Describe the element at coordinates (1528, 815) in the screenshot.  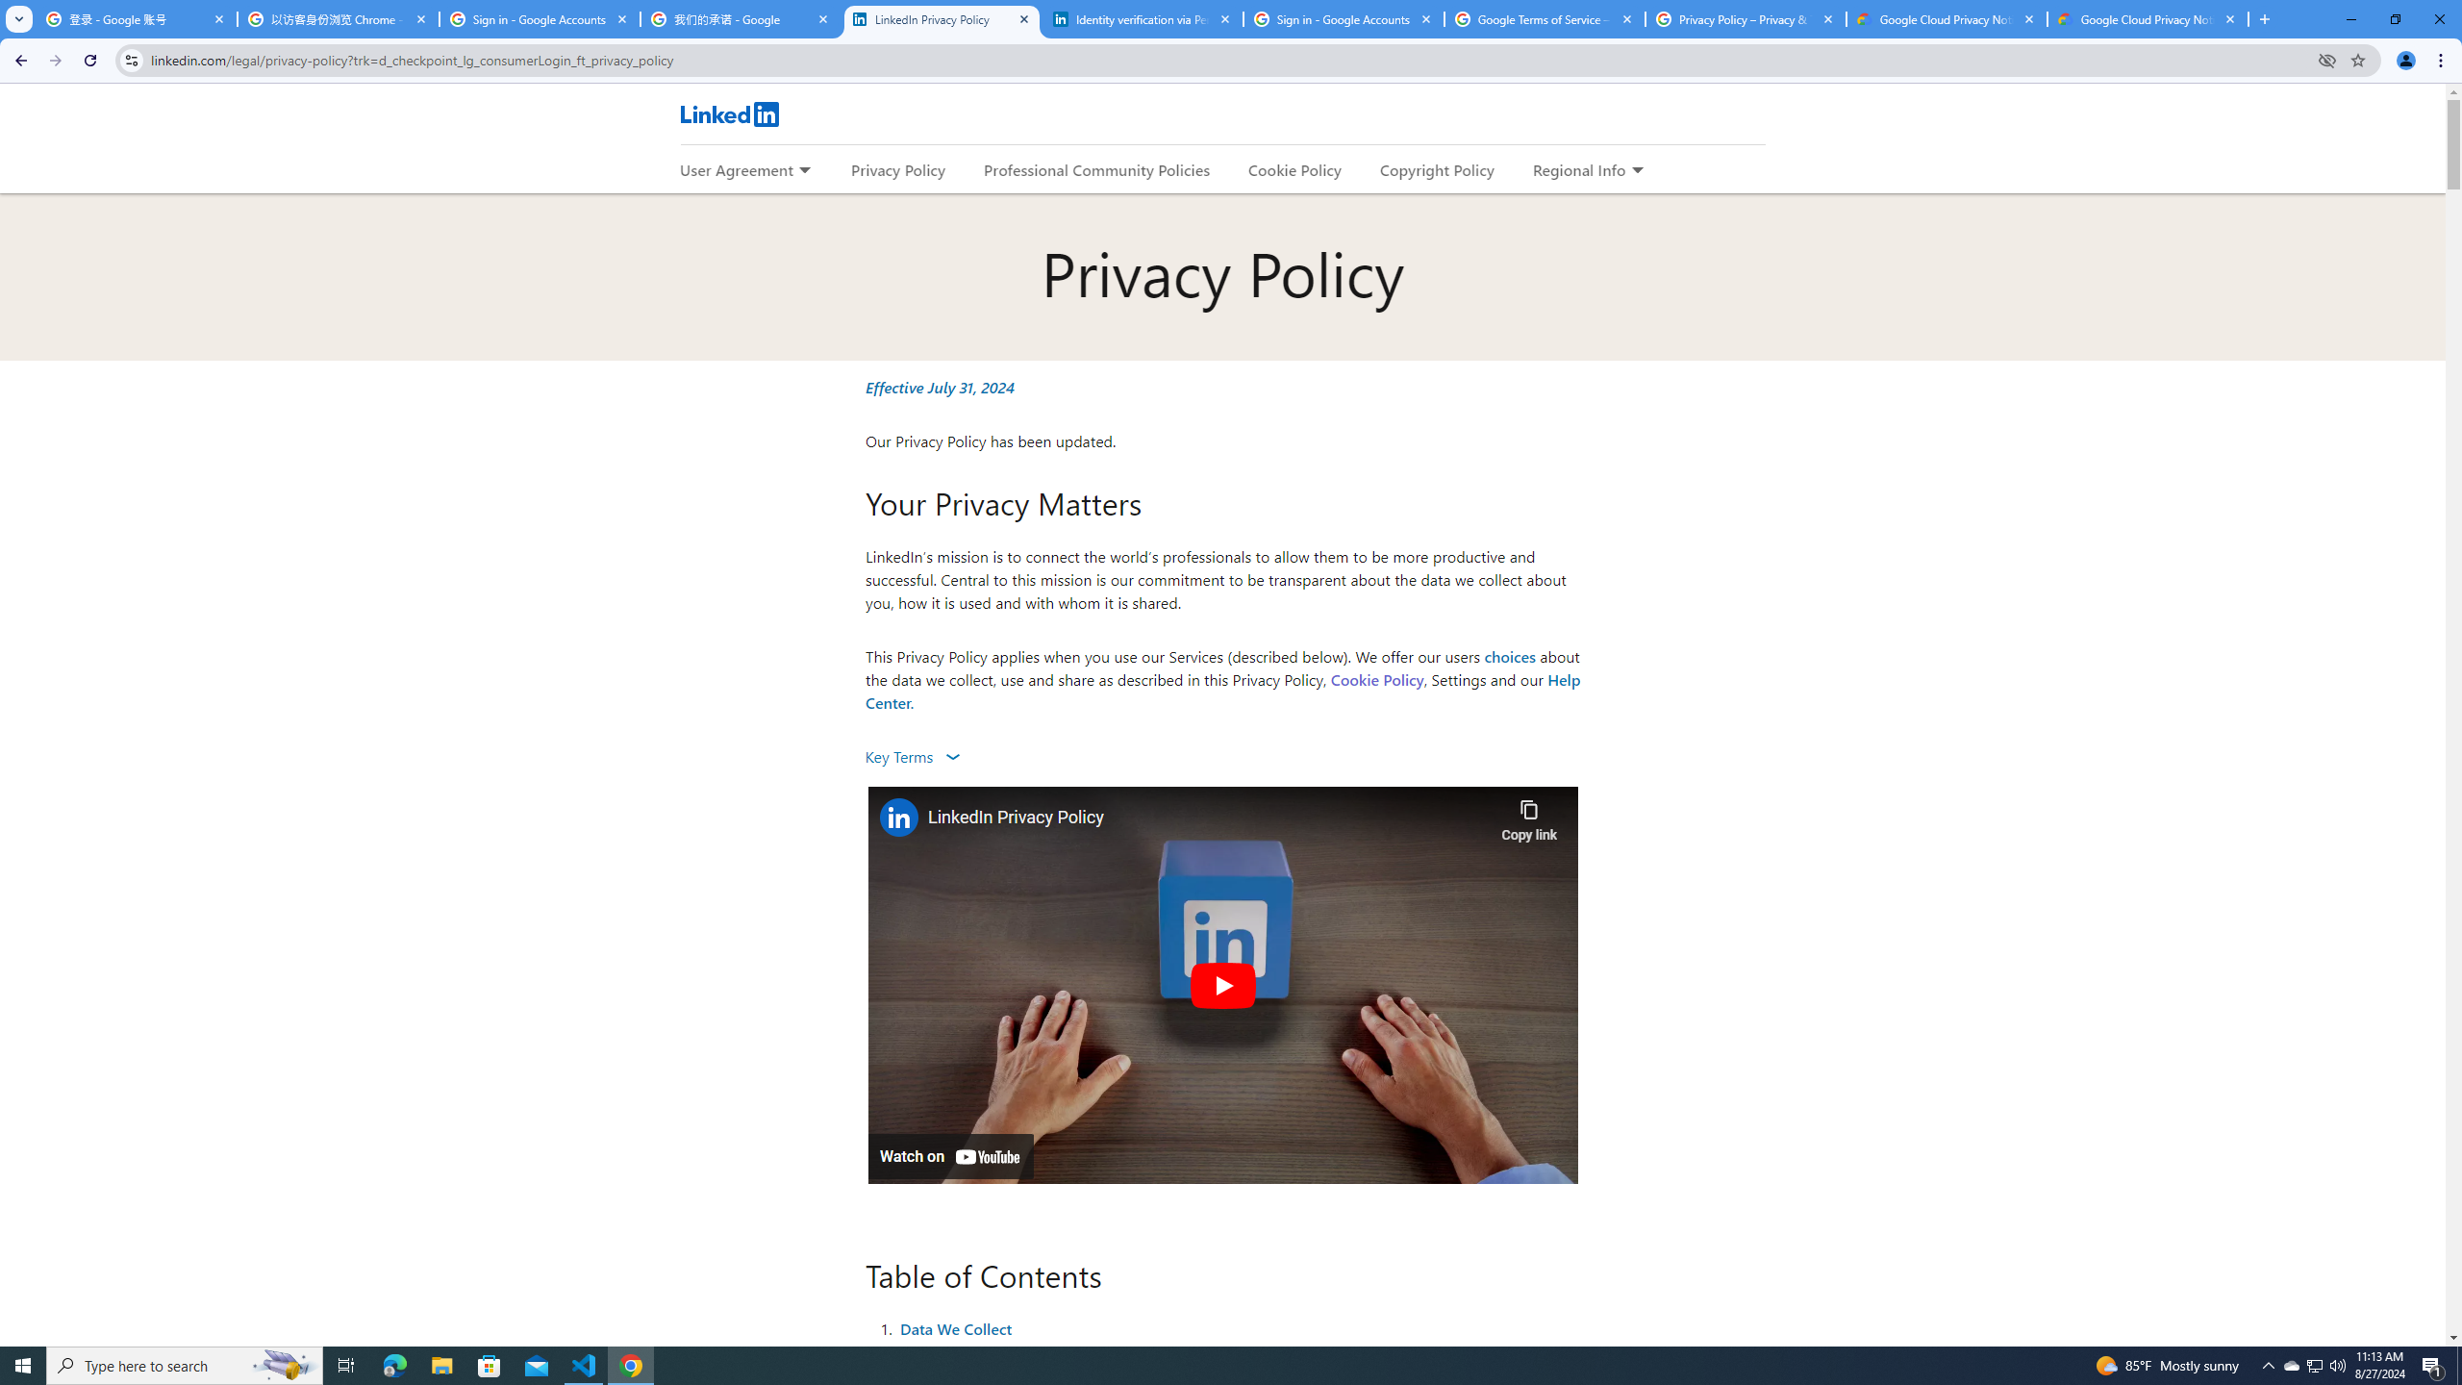
I see `'Copy link'` at that location.